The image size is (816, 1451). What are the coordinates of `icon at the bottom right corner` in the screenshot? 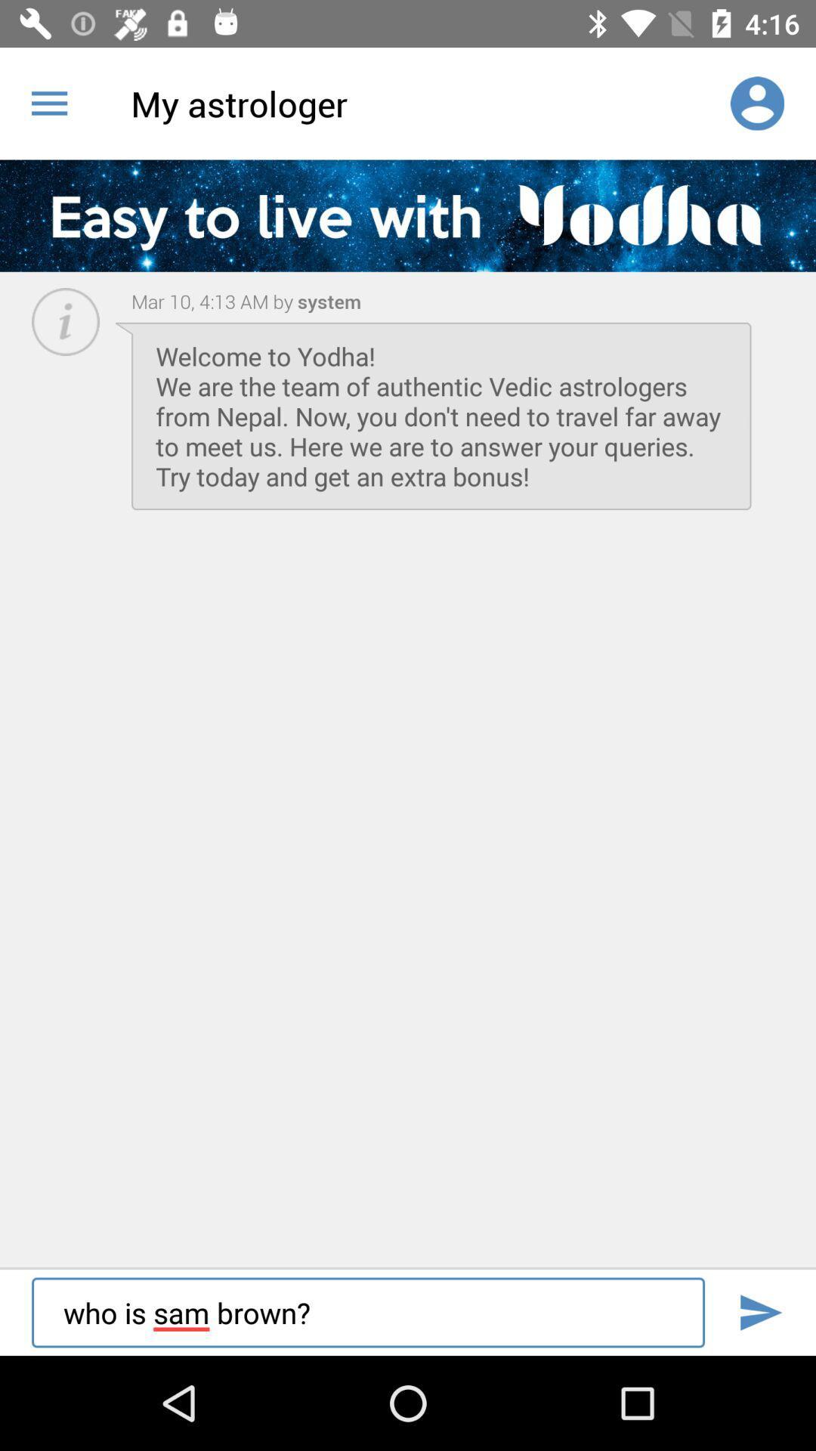 It's located at (760, 1312).